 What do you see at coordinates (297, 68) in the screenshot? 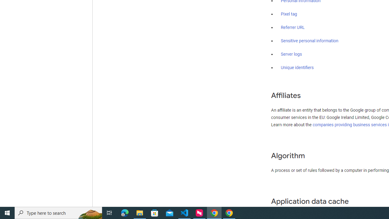
I see `'Unique identifiers'` at bounding box center [297, 68].